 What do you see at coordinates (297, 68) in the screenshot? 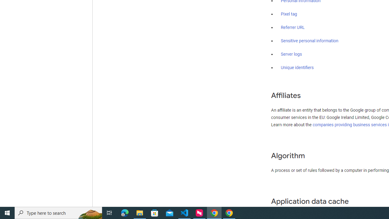
I see `'Unique identifiers'` at bounding box center [297, 68].